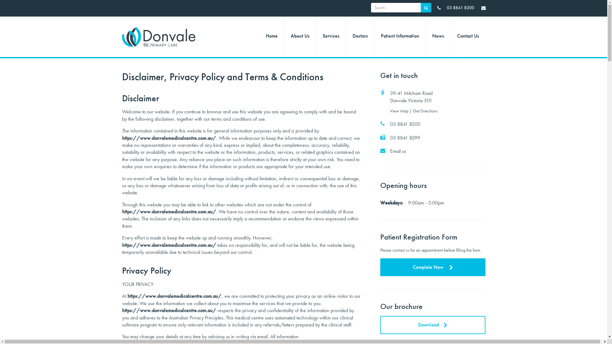 This screenshot has height=344, width=612. I want to click on 'TLC Primary Care - Donvale | Email Us', so click(478, 8).